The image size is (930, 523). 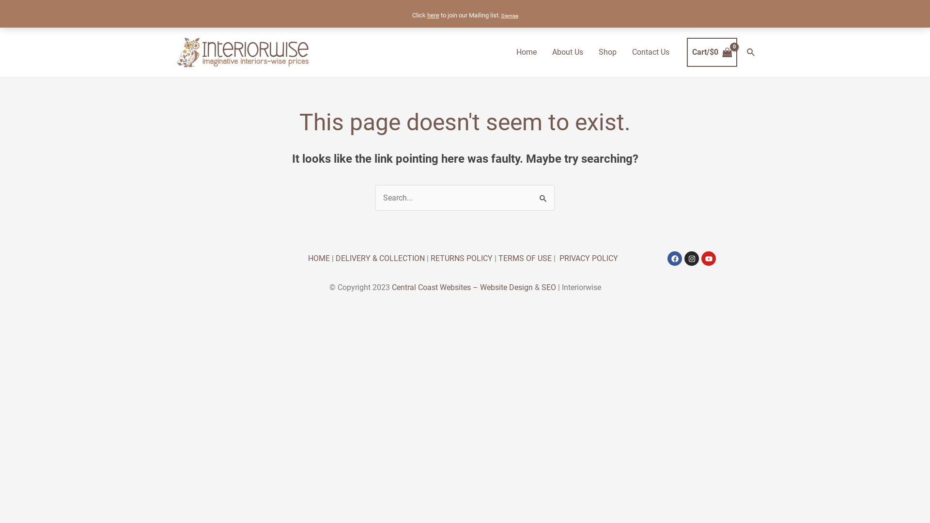 What do you see at coordinates (691, 258) in the screenshot?
I see `'Instagram'` at bounding box center [691, 258].